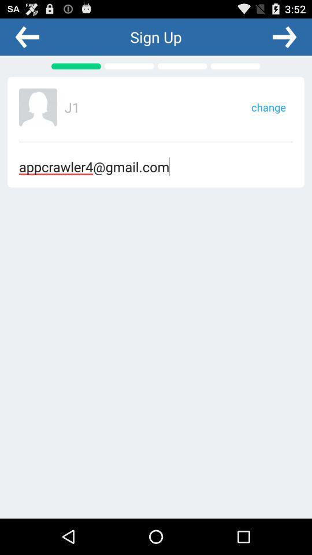  Describe the element at coordinates (284, 36) in the screenshot. I see `go forward a page` at that location.